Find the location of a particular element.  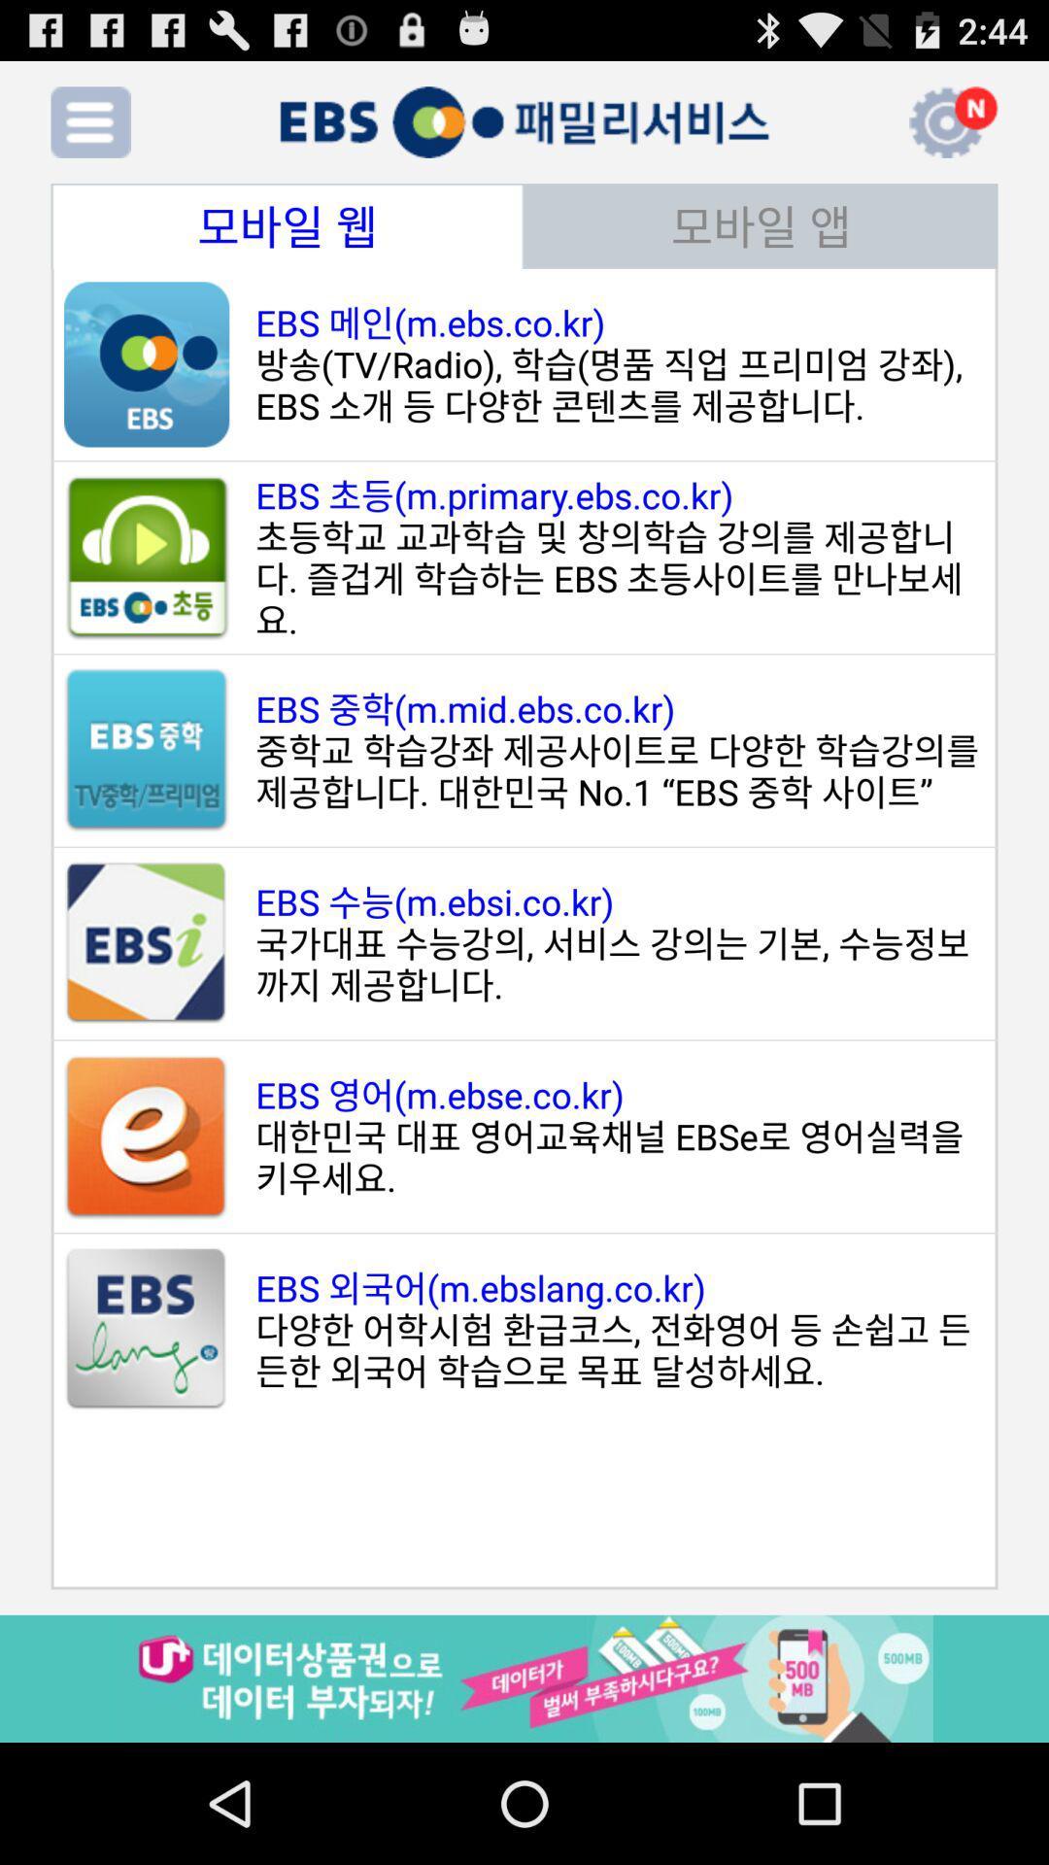

the add icon is located at coordinates (163, 129).